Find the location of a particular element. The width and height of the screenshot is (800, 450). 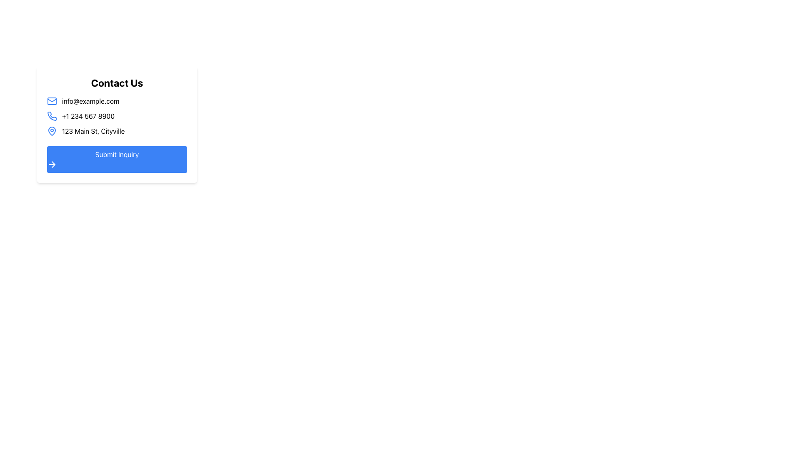

text content of the heading element located at the top of the card, which serves as a title indicating the purpose of the card is located at coordinates (117, 83).